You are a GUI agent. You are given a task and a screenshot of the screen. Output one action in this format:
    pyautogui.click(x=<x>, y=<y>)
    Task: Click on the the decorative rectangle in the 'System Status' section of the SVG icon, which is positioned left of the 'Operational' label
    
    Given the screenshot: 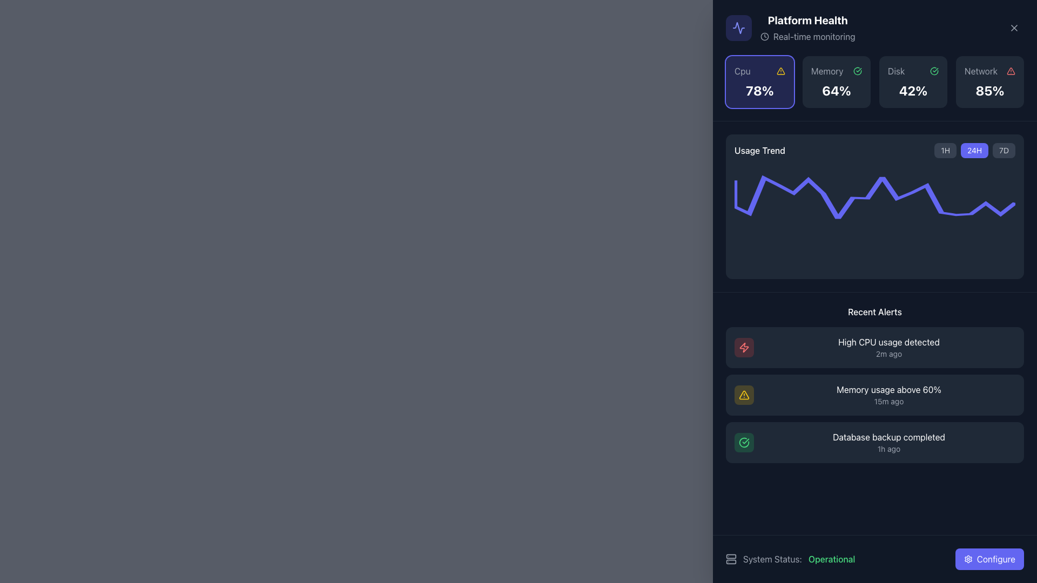 What is the action you would take?
    pyautogui.click(x=731, y=561)
    